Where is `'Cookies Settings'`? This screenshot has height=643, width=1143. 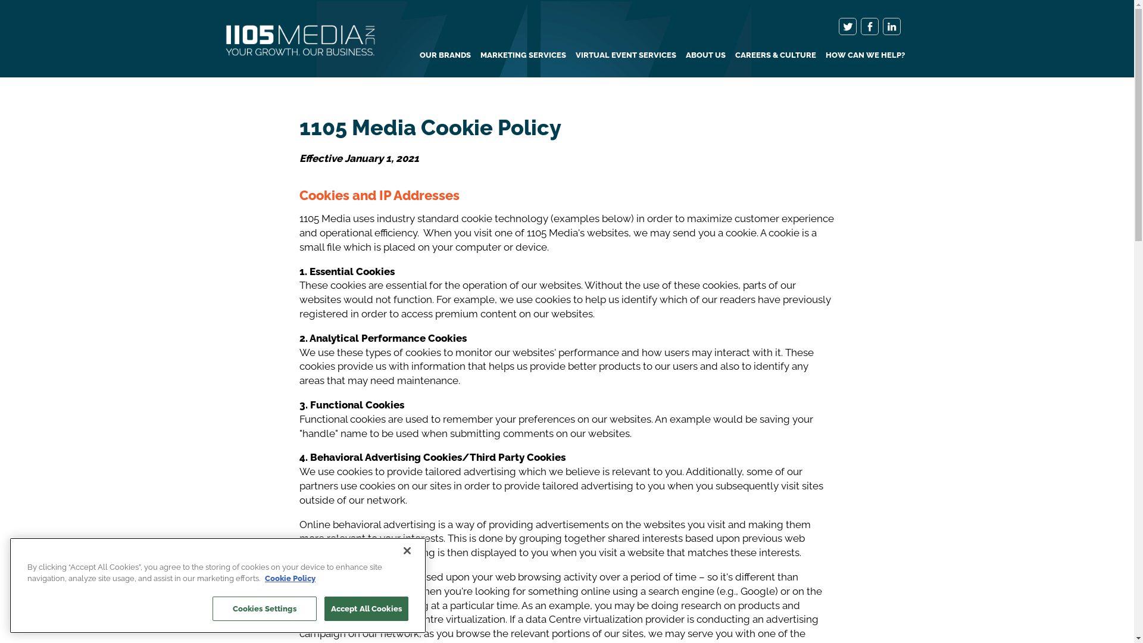 'Cookies Settings' is located at coordinates (264, 608).